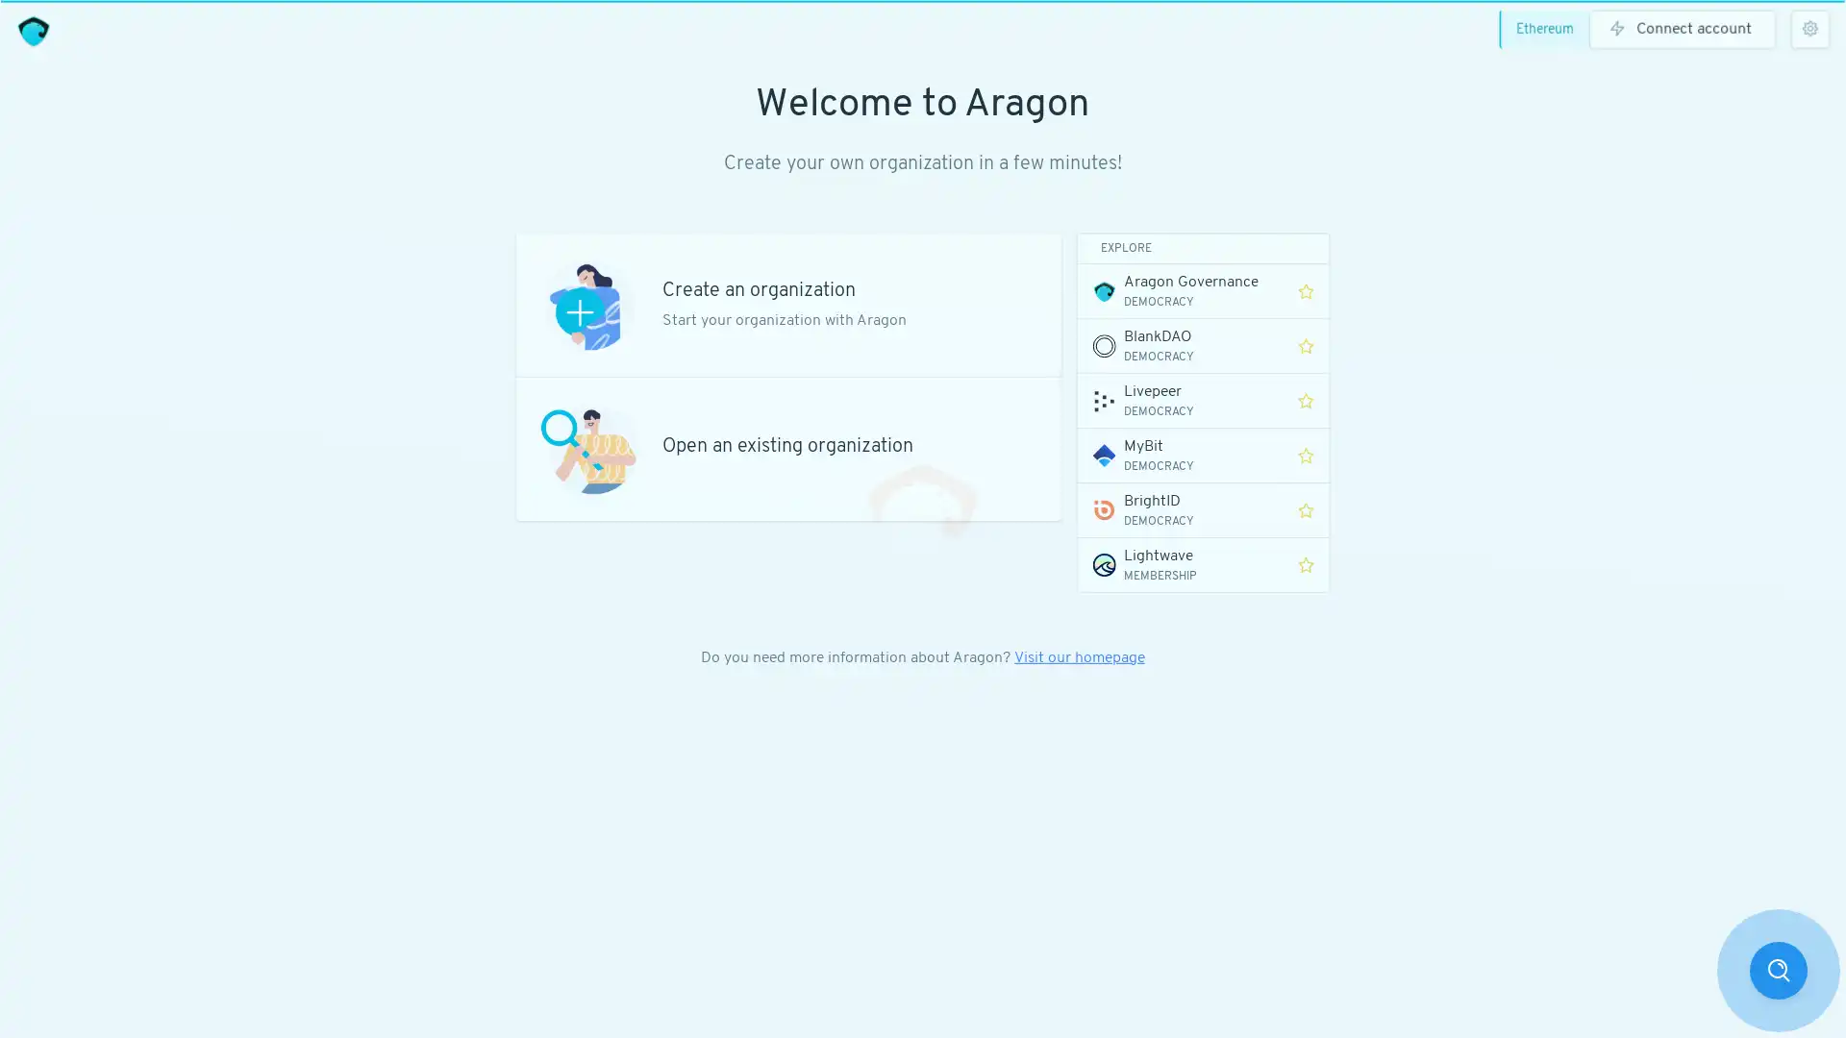 The image size is (1846, 1038). I want to click on Open an existing organization, so click(788, 448).